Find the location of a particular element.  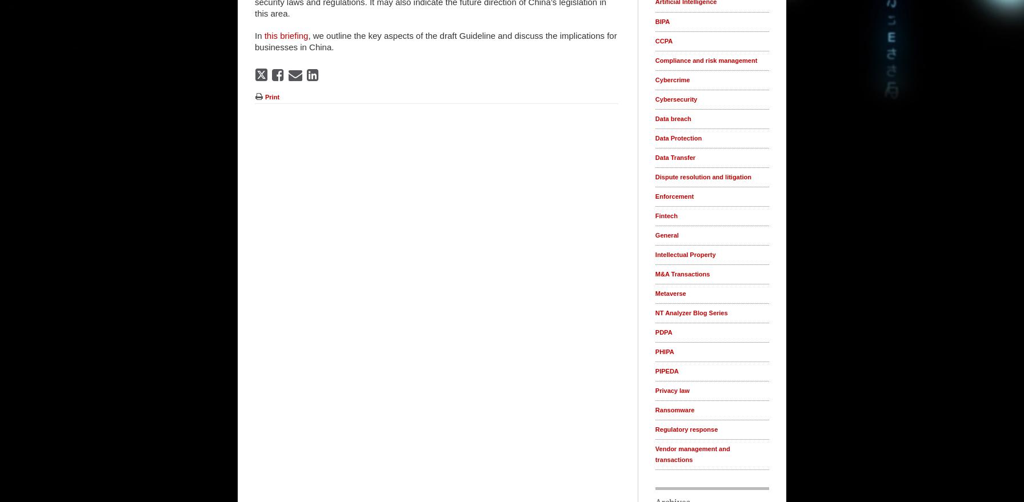

'Data Protection' is located at coordinates (678, 137).